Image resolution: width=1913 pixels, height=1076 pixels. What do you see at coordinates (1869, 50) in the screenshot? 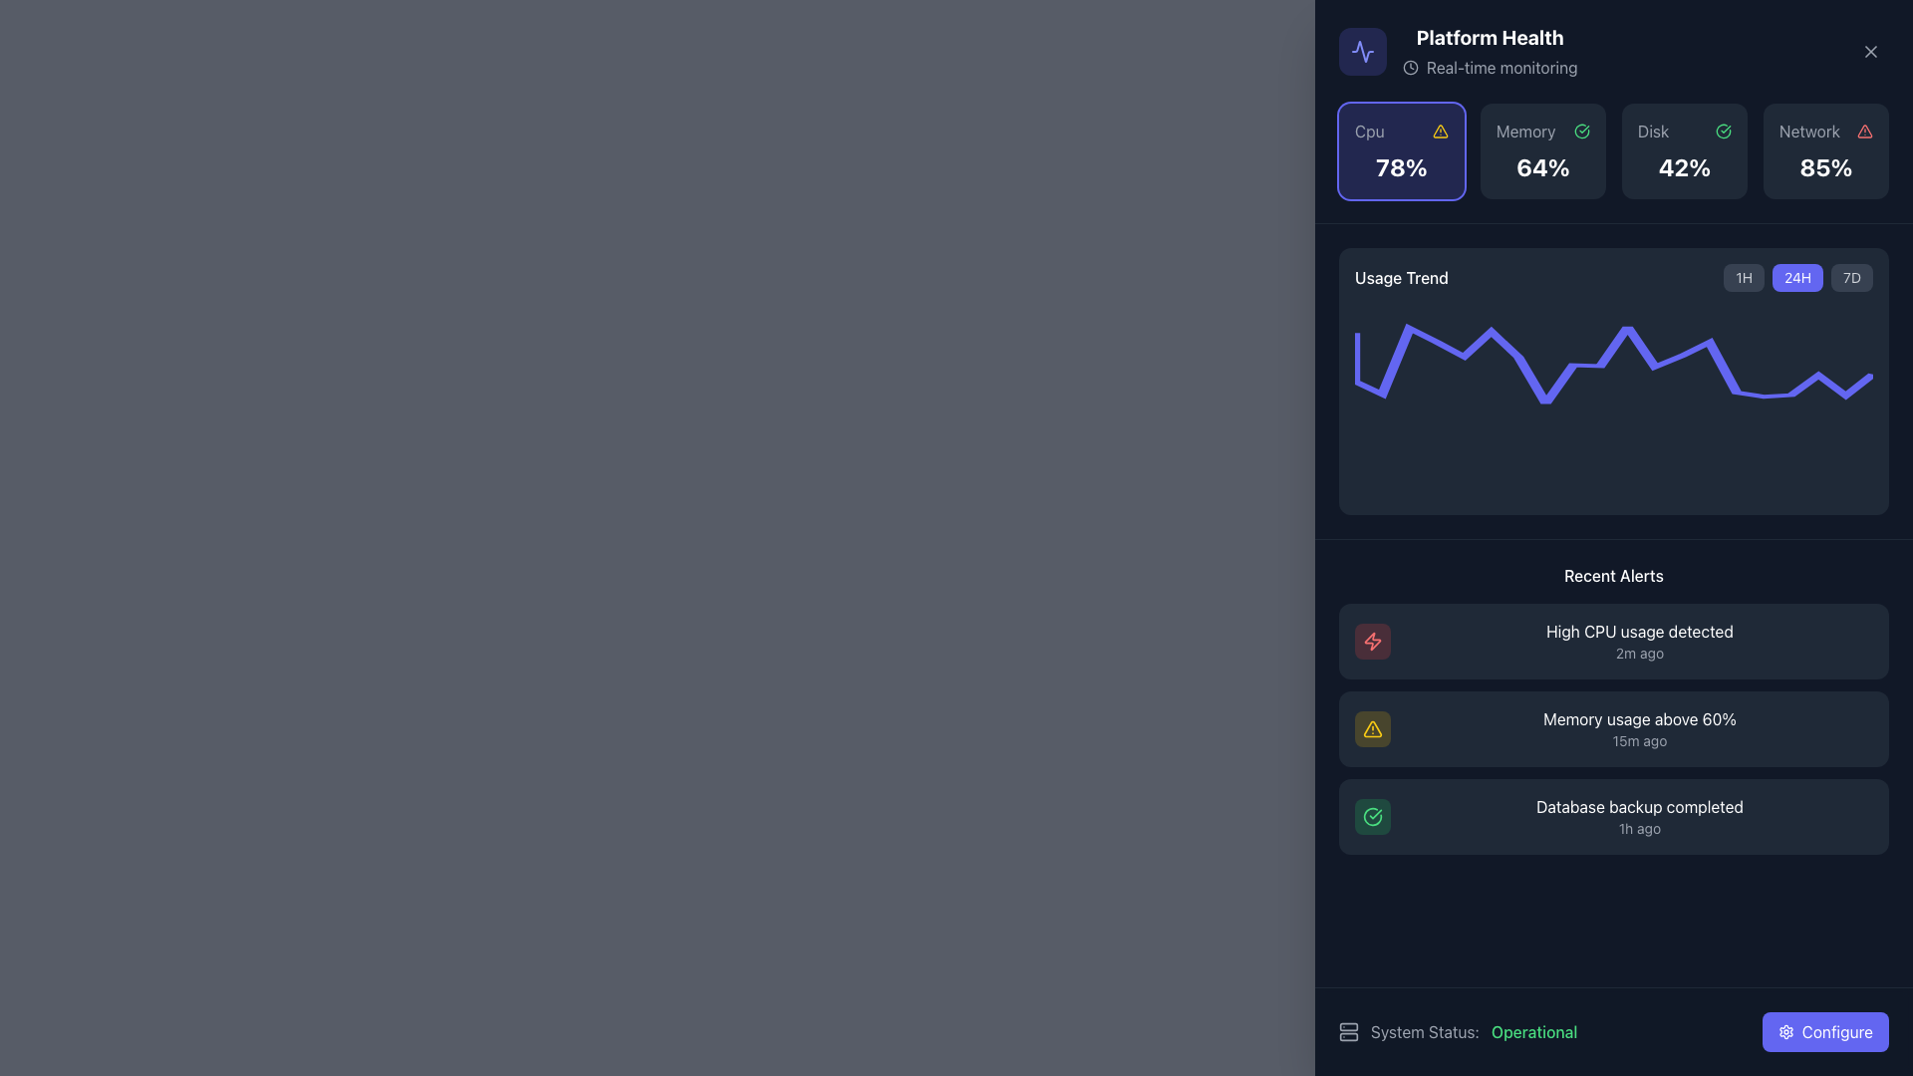
I see `the cross icon representing a close or dismiss button located near the top-right corner of the interface adjacent to the 'Platform Health' section header` at bounding box center [1869, 50].